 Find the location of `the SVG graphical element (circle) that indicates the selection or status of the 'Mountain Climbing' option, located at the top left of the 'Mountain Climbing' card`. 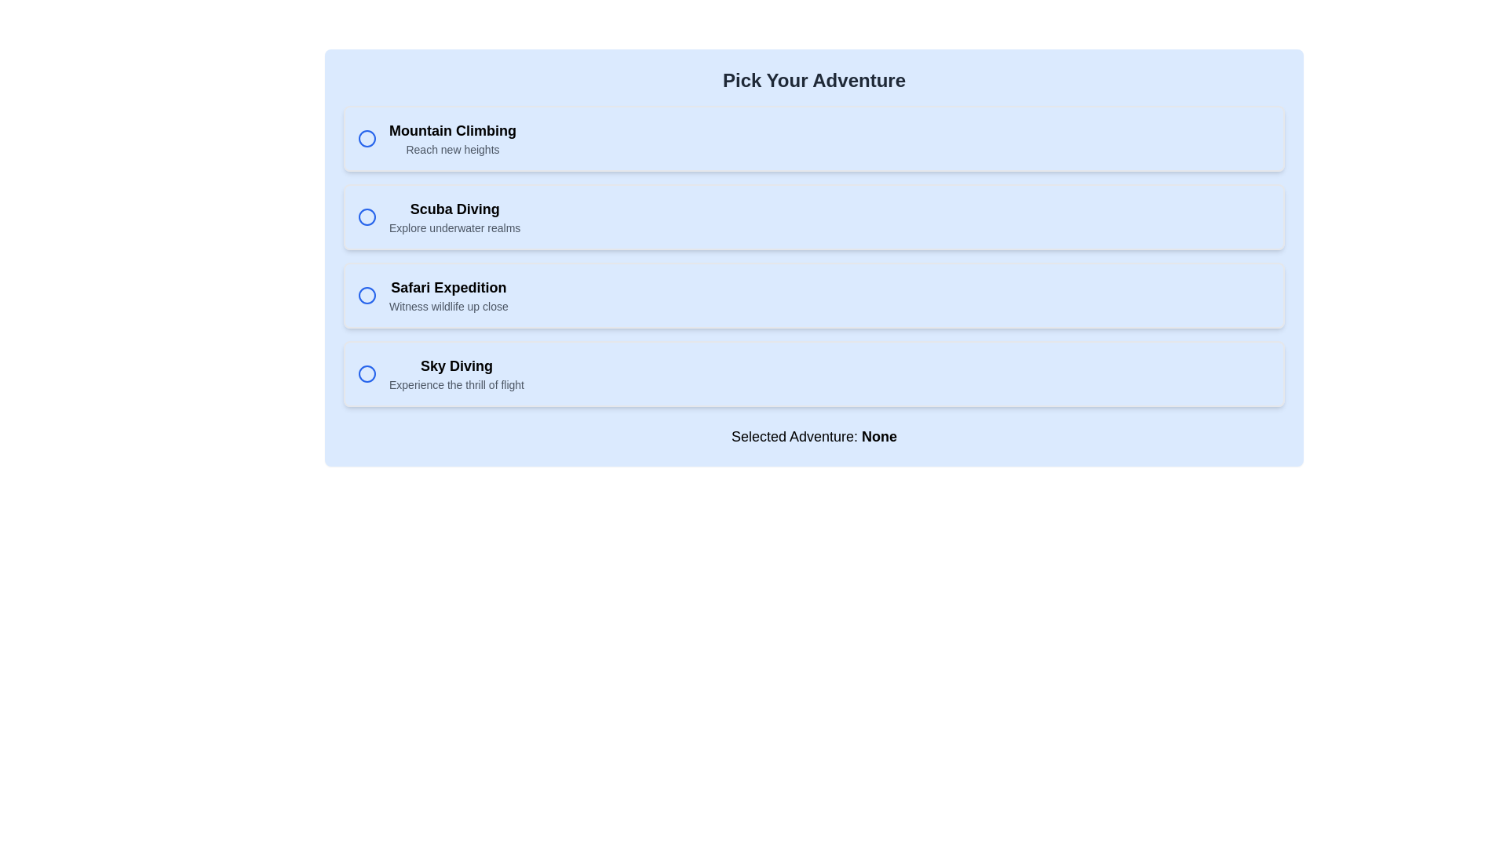

the SVG graphical element (circle) that indicates the selection or status of the 'Mountain Climbing' option, located at the top left of the 'Mountain Climbing' card is located at coordinates (366, 138).